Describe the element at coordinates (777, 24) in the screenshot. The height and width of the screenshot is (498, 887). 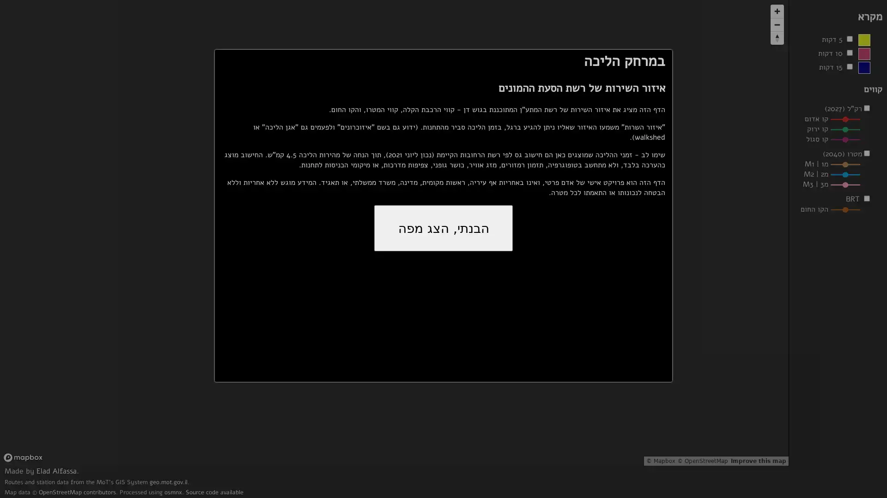
I see `Zoom out` at that location.